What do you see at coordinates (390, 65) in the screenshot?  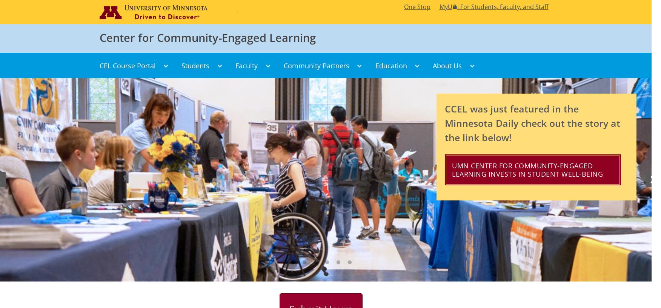 I see `'Education'` at bounding box center [390, 65].